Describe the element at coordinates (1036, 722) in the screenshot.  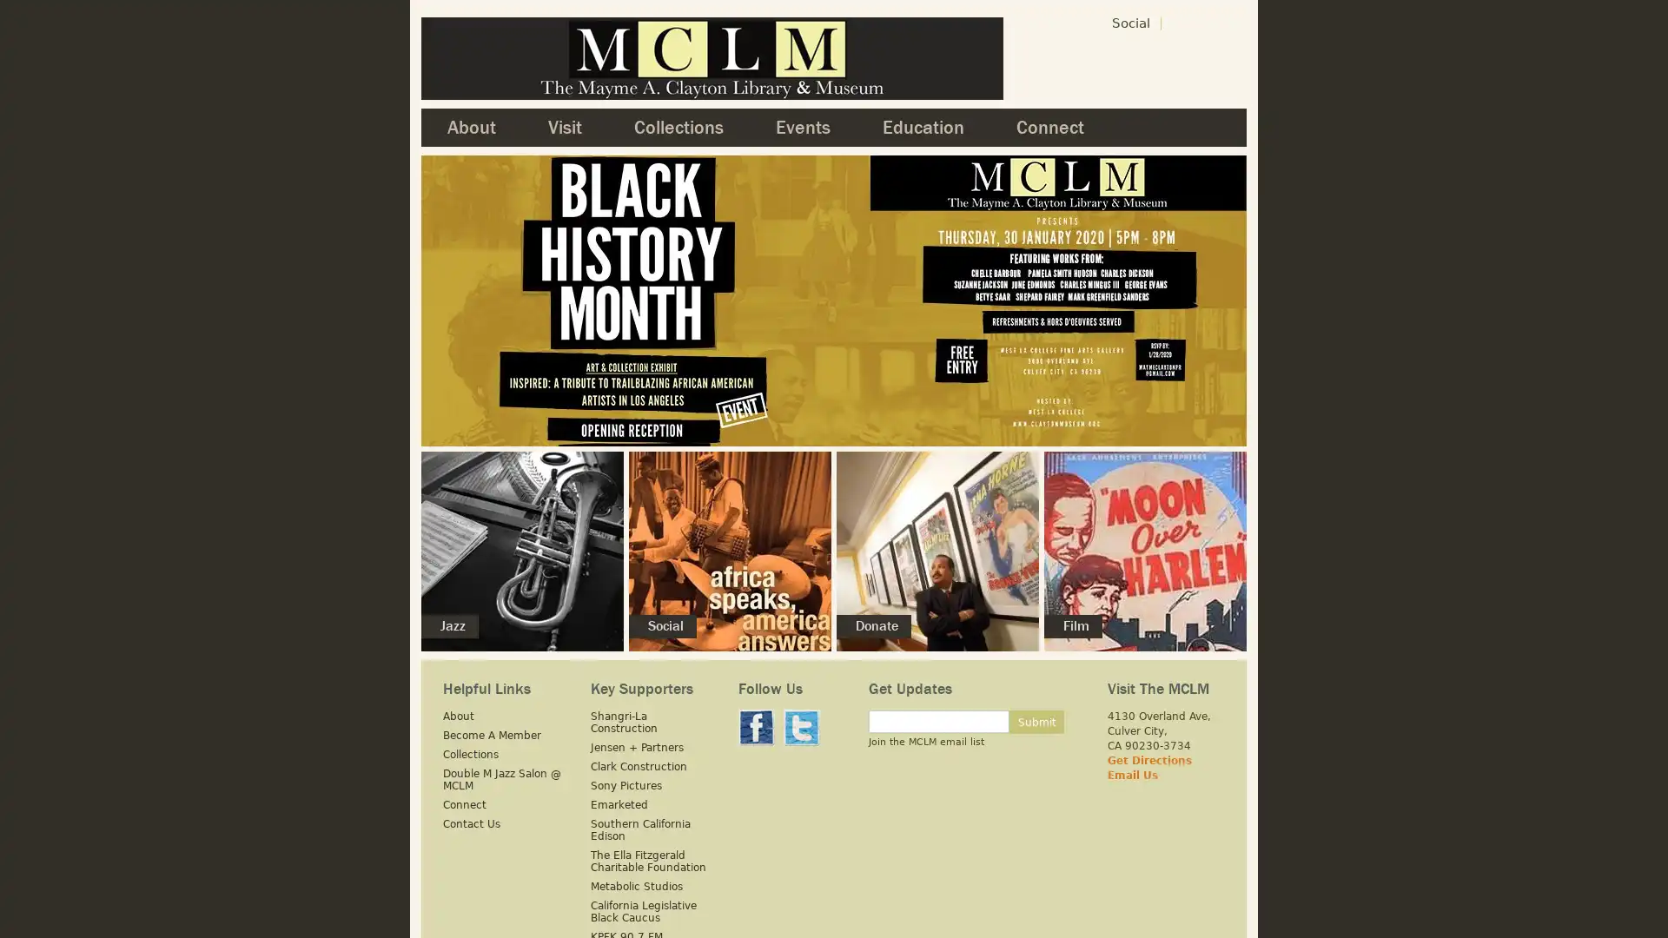
I see `Submit` at that location.